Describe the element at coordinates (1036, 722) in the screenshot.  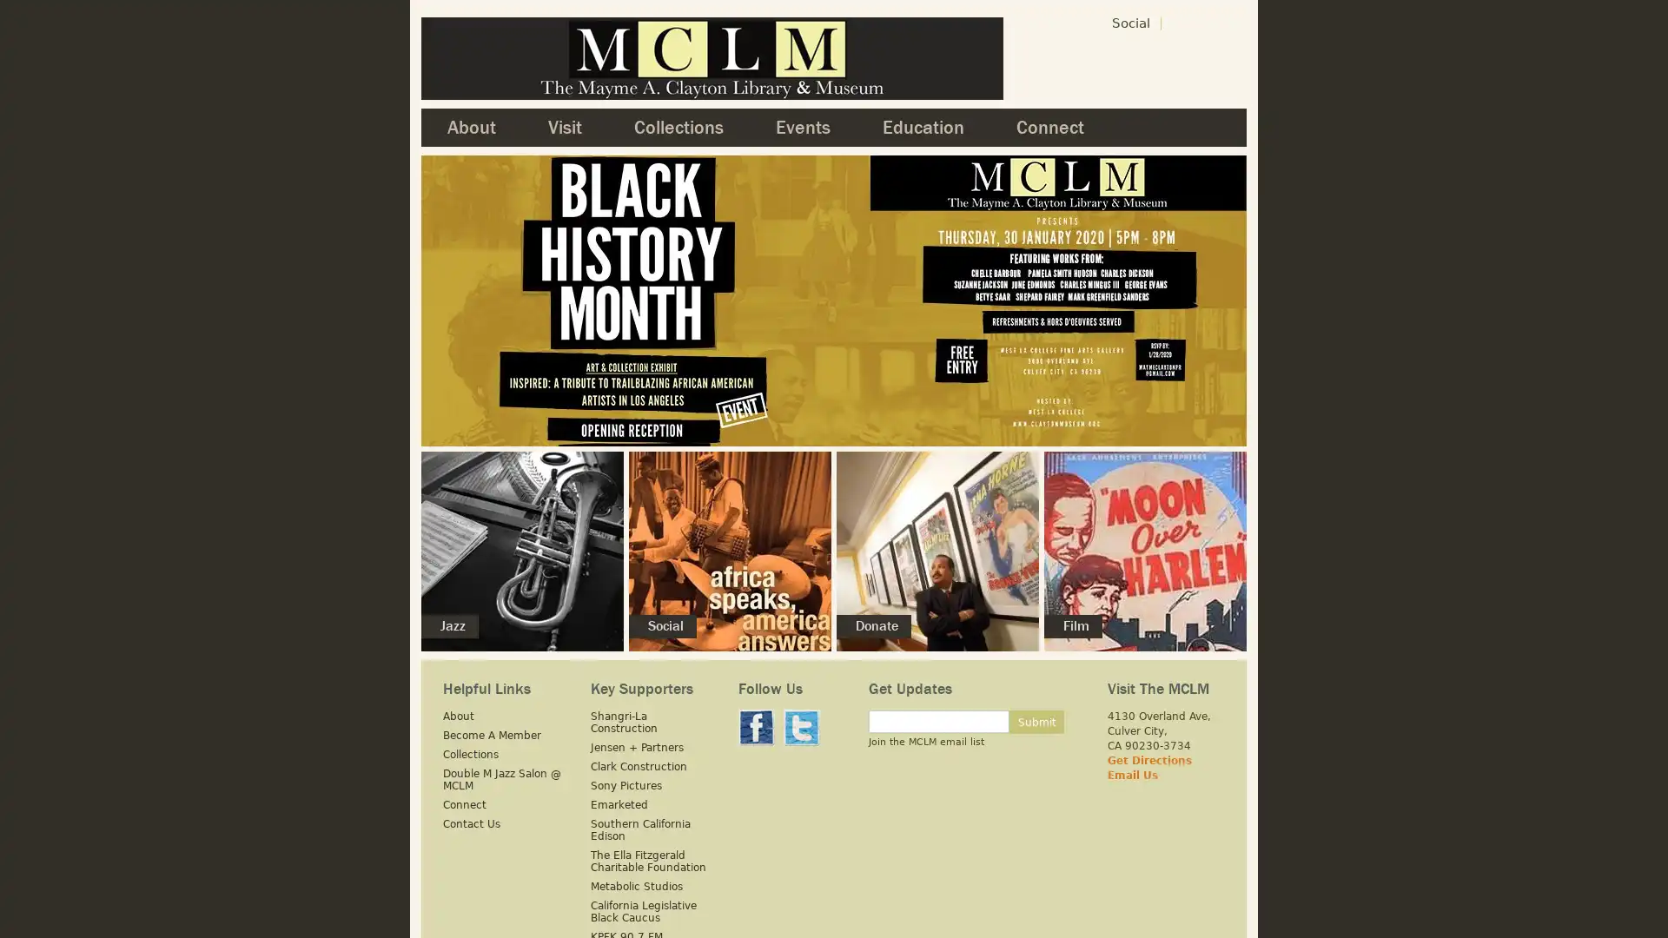
I see `Submit` at that location.